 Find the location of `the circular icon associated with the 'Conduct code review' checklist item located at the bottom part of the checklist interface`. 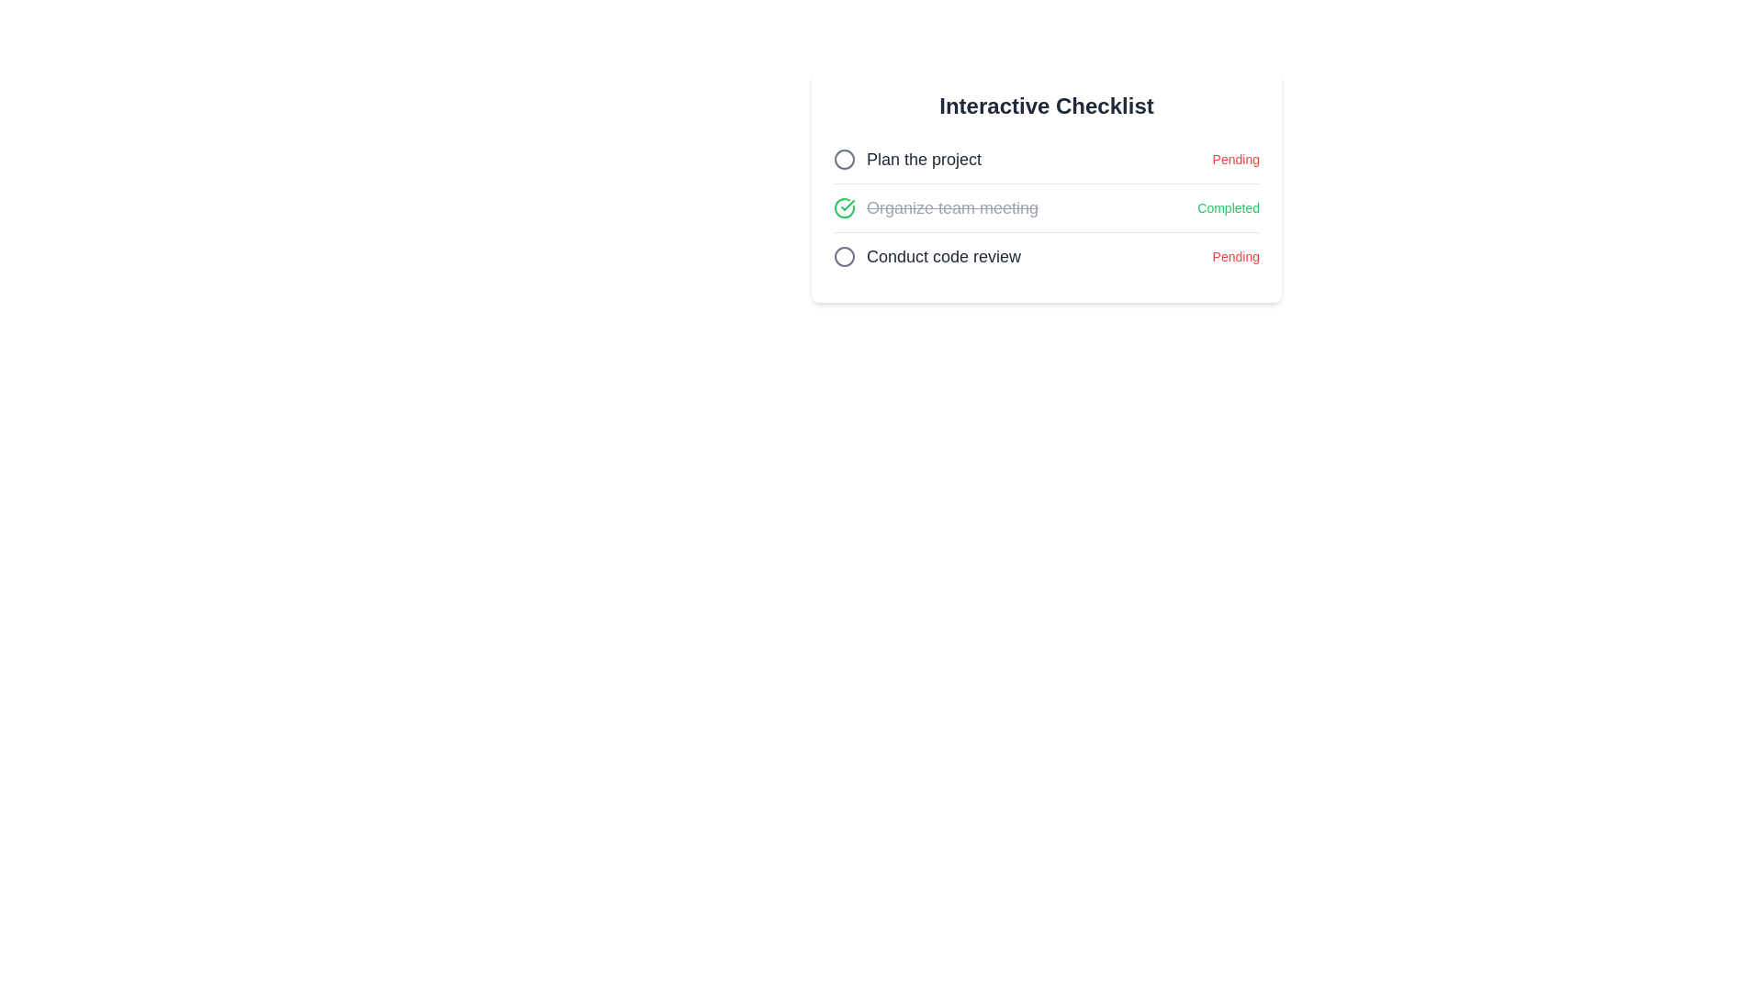

the circular icon associated with the 'Conduct code review' checklist item located at the bottom part of the checklist interface is located at coordinates (844, 257).